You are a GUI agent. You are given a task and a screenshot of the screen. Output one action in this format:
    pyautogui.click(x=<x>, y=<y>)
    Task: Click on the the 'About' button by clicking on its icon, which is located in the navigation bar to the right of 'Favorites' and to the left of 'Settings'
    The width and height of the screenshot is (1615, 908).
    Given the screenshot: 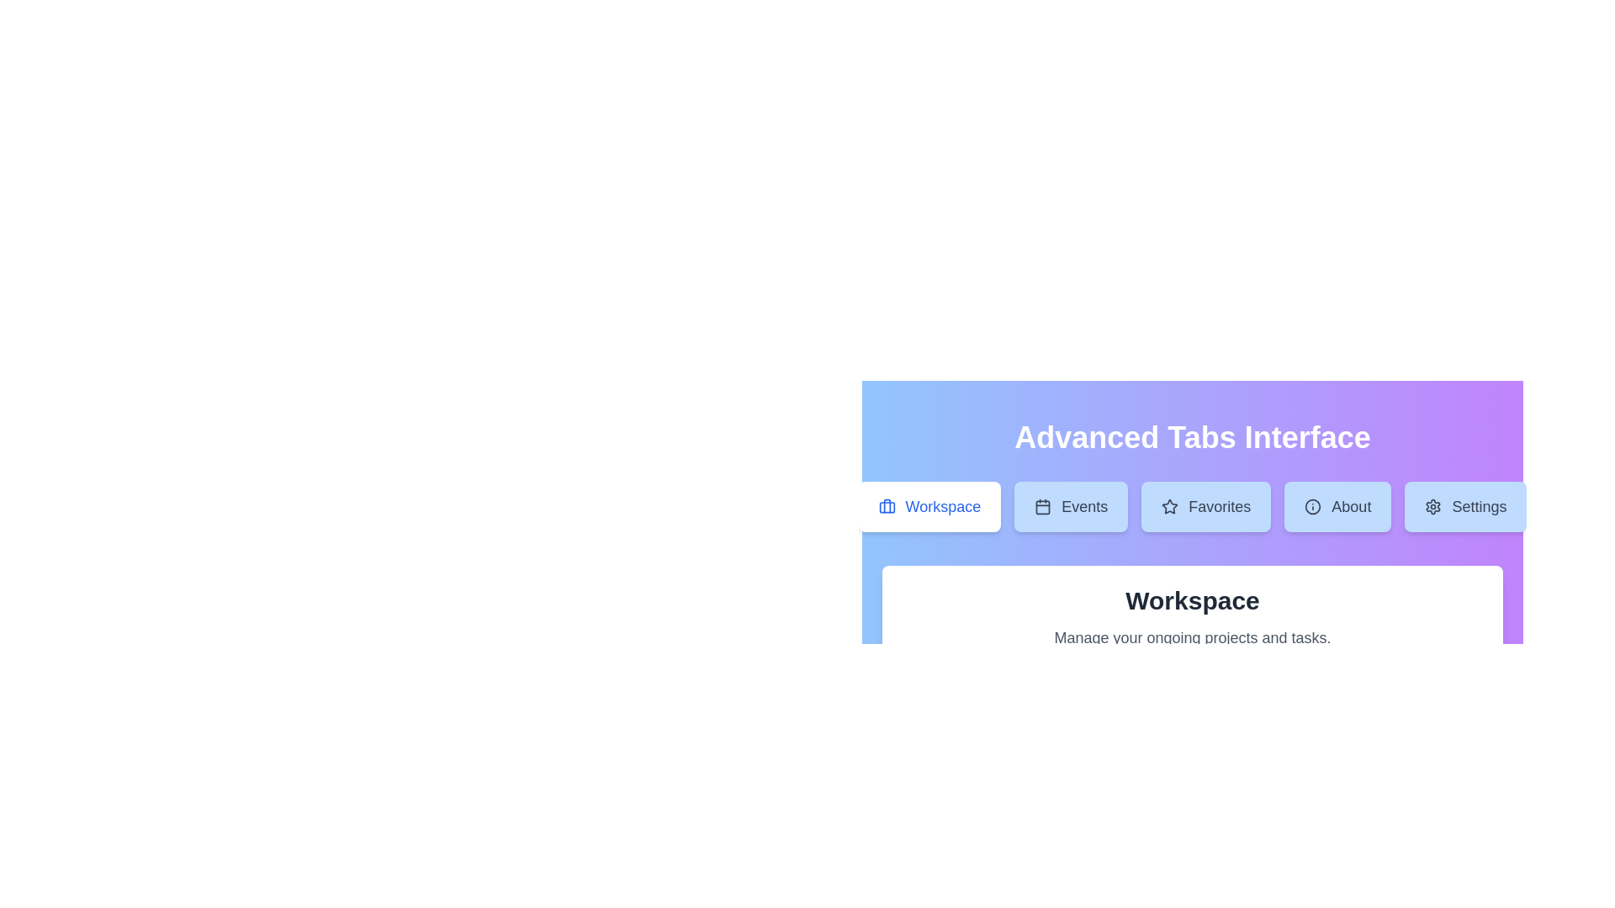 What is the action you would take?
    pyautogui.click(x=1312, y=505)
    